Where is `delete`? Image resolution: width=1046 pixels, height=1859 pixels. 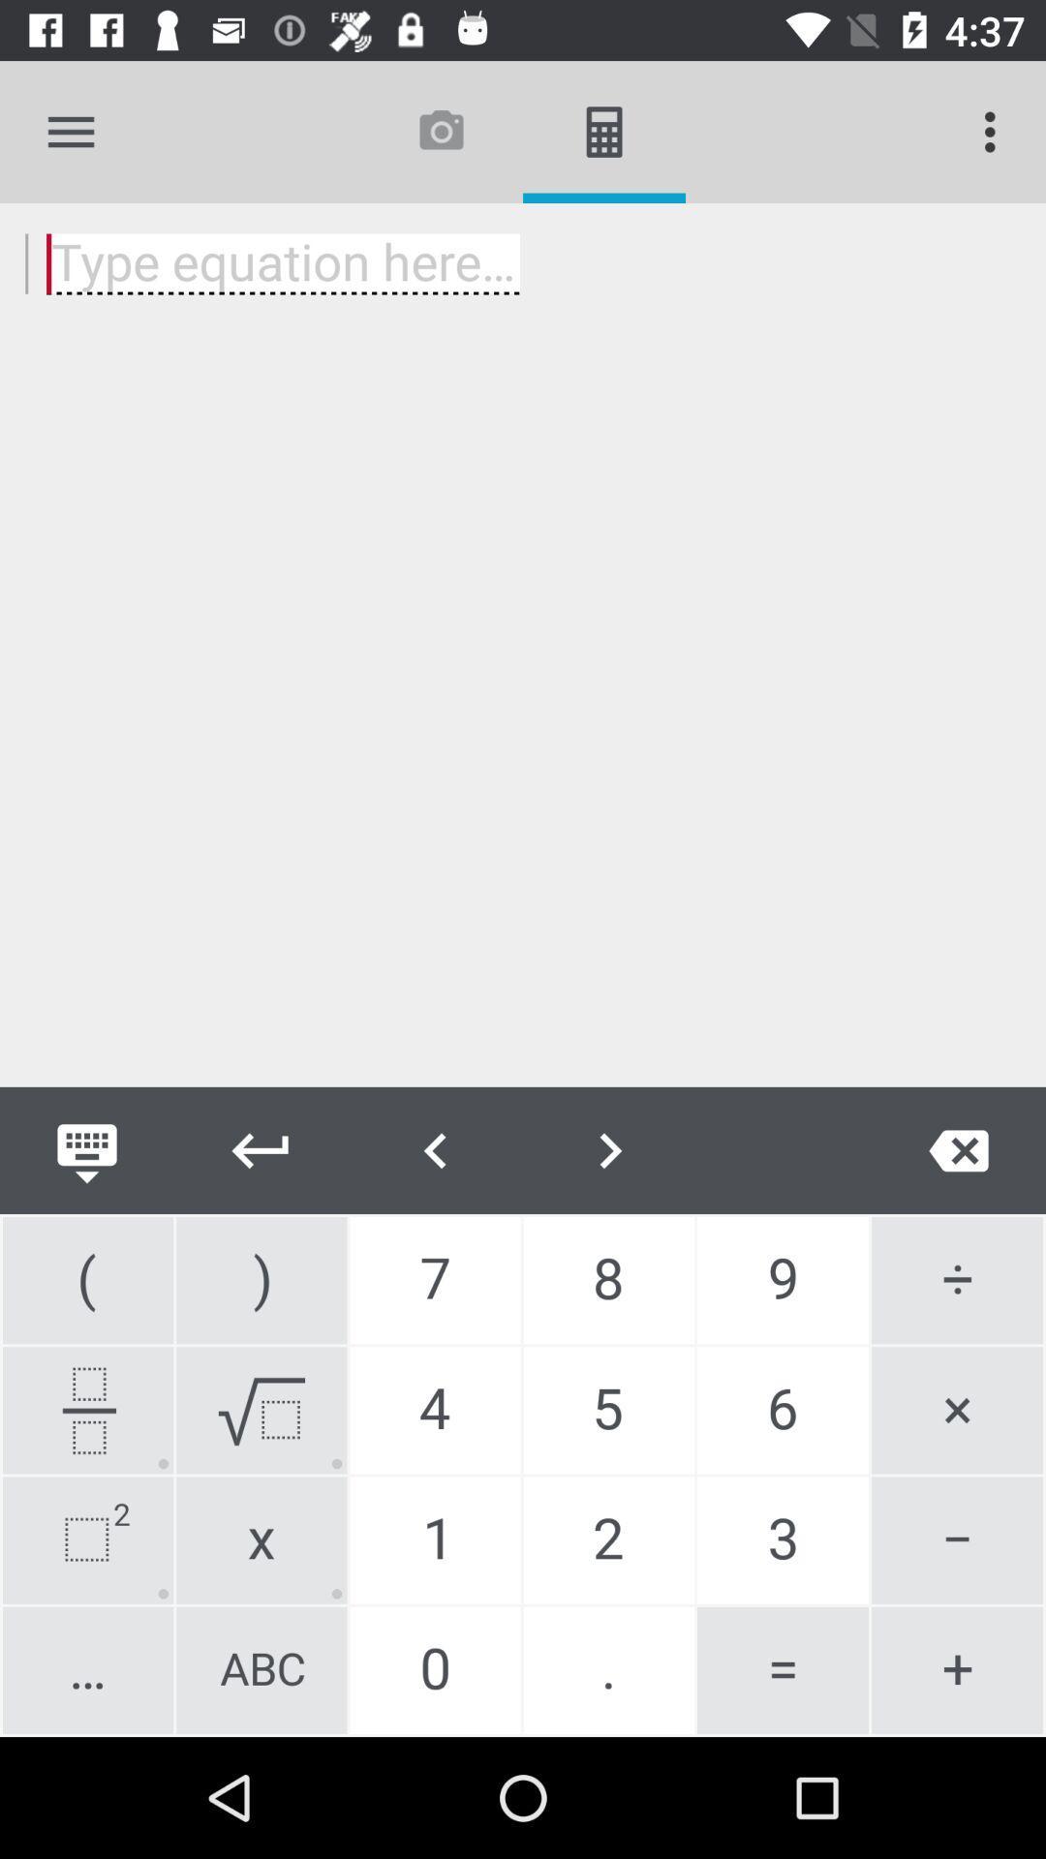 delete is located at coordinates (959, 1150).